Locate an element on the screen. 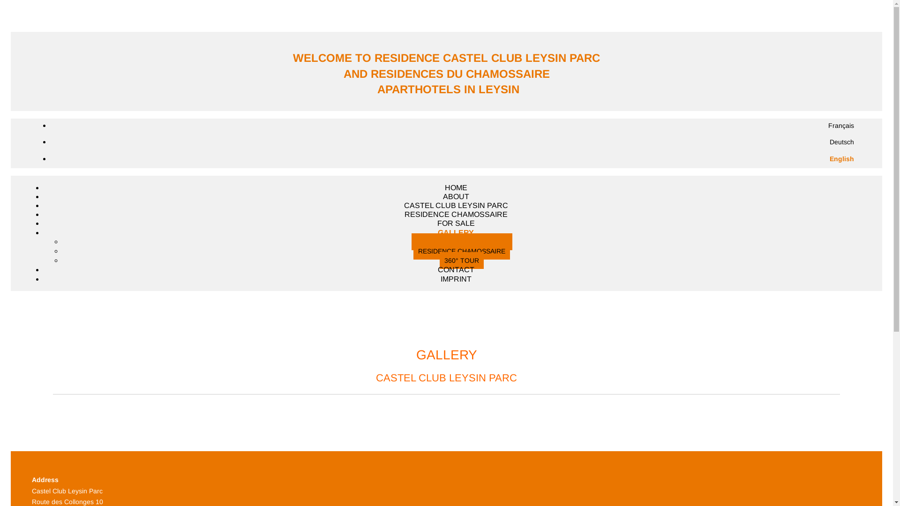 Image resolution: width=900 pixels, height=506 pixels. 'HOME' is located at coordinates (456, 187).